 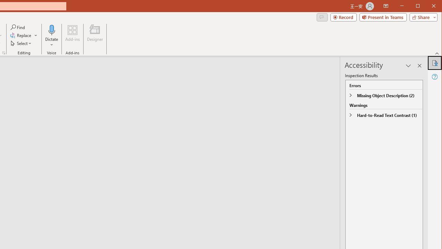 What do you see at coordinates (427, 7) in the screenshot?
I see `'Maximize'` at bounding box center [427, 7].